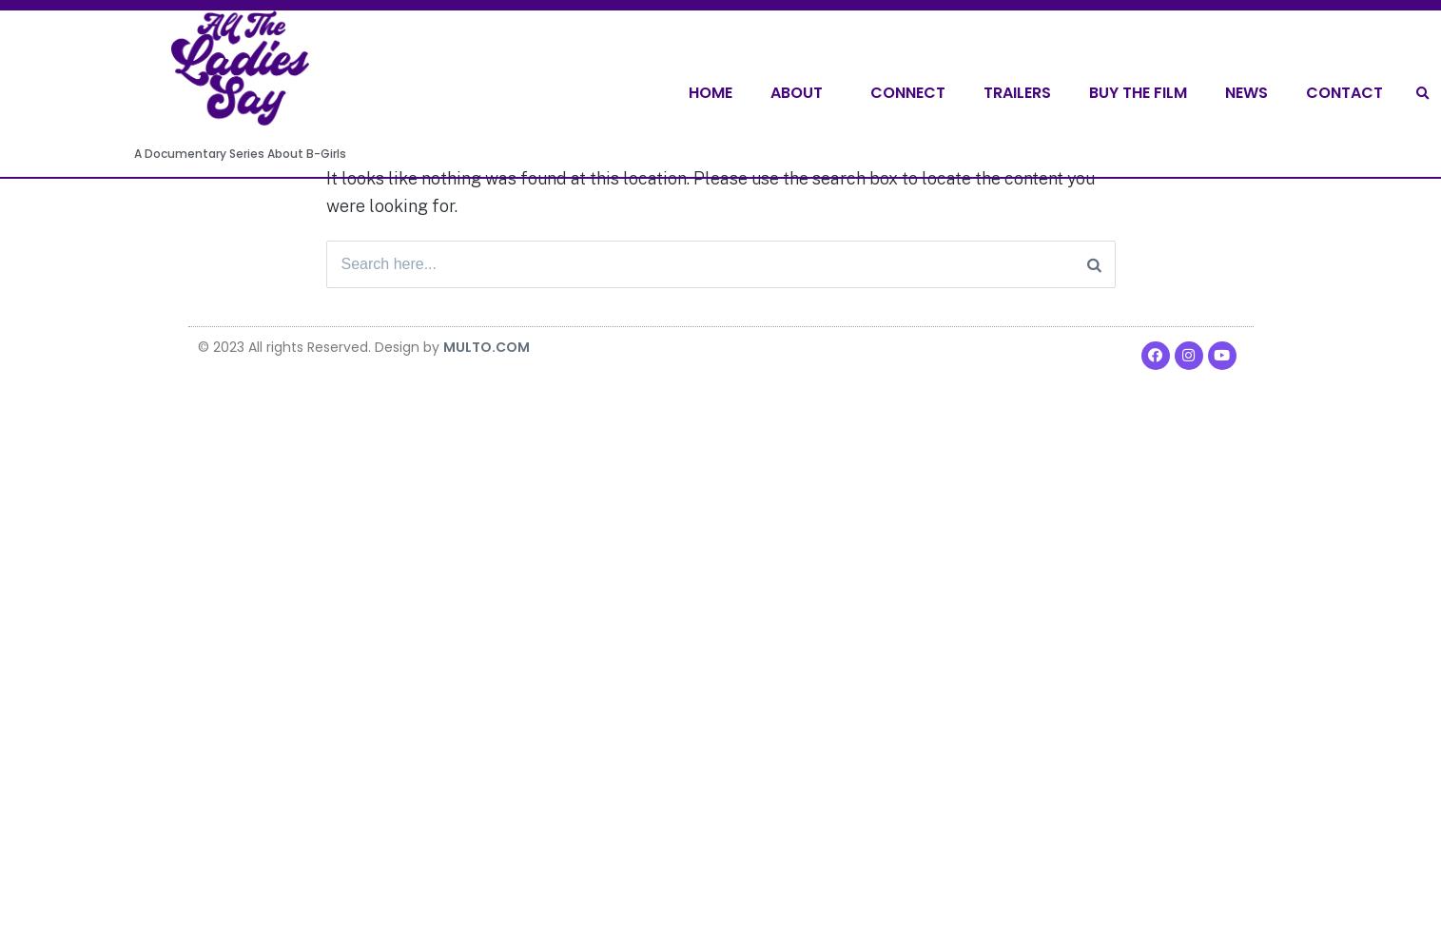  I want to click on 'Connect', so click(907, 91).